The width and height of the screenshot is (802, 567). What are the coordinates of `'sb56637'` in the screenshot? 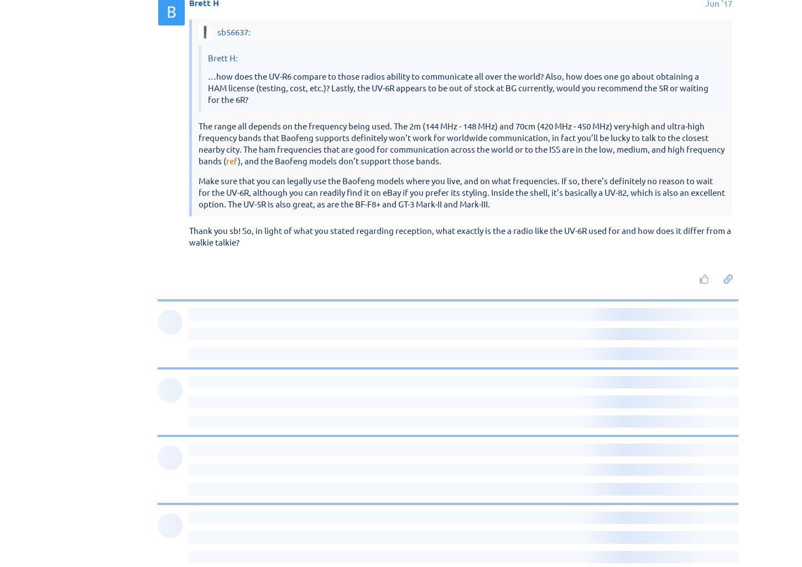 It's located at (189, 87).